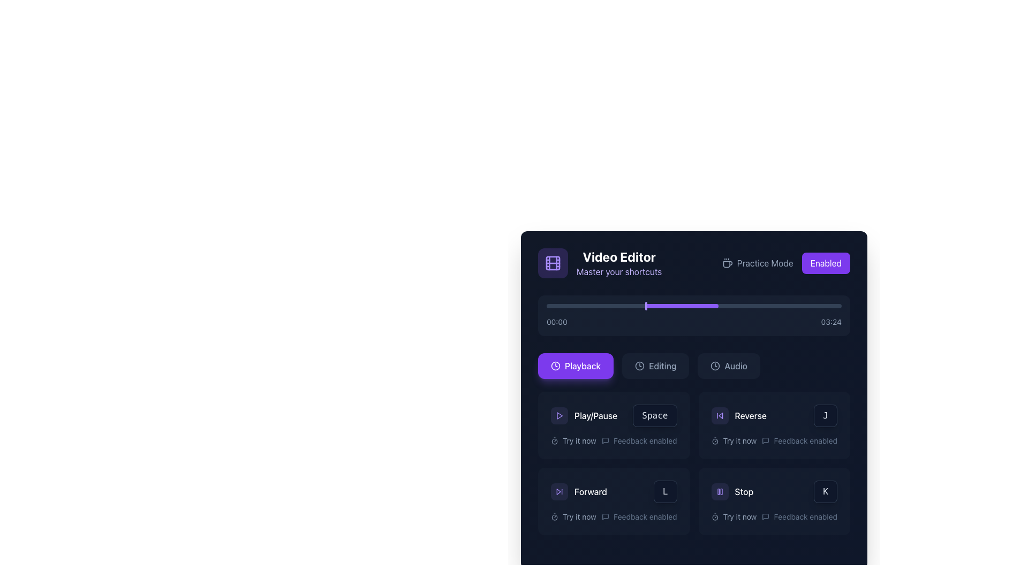  What do you see at coordinates (825, 491) in the screenshot?
I see `the label displaying the letter 'K' in white font, located in the bottom right section of the interface near the 'Stop' action` at bounding box center [825, 491].